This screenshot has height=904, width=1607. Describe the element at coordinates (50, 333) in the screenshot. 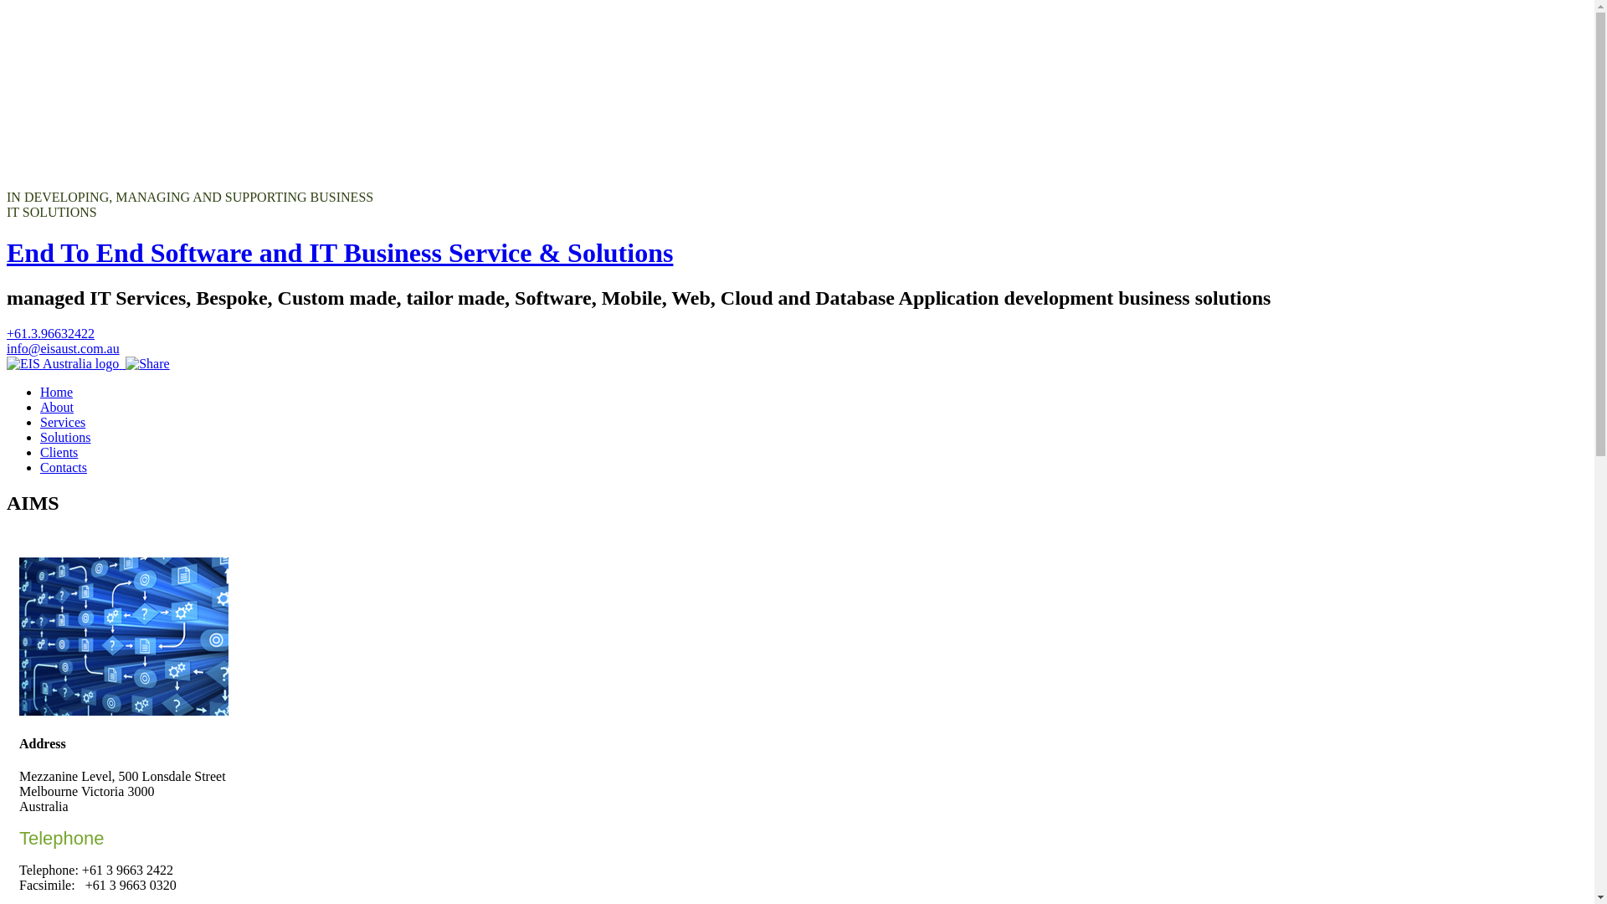

I see `'+61.3.96632422'` at that location.